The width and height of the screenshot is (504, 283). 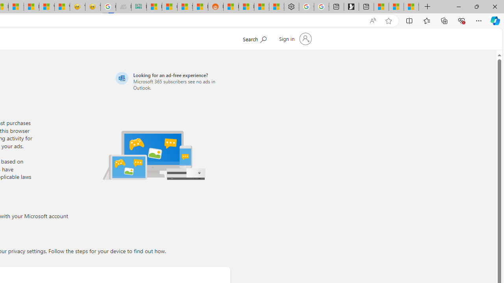 What do you see at coordinates (372, 20) in the screenshot?
I see `'Read aloud this page (Ctrl+Shift+U)'` at bounding box center [372, 20].